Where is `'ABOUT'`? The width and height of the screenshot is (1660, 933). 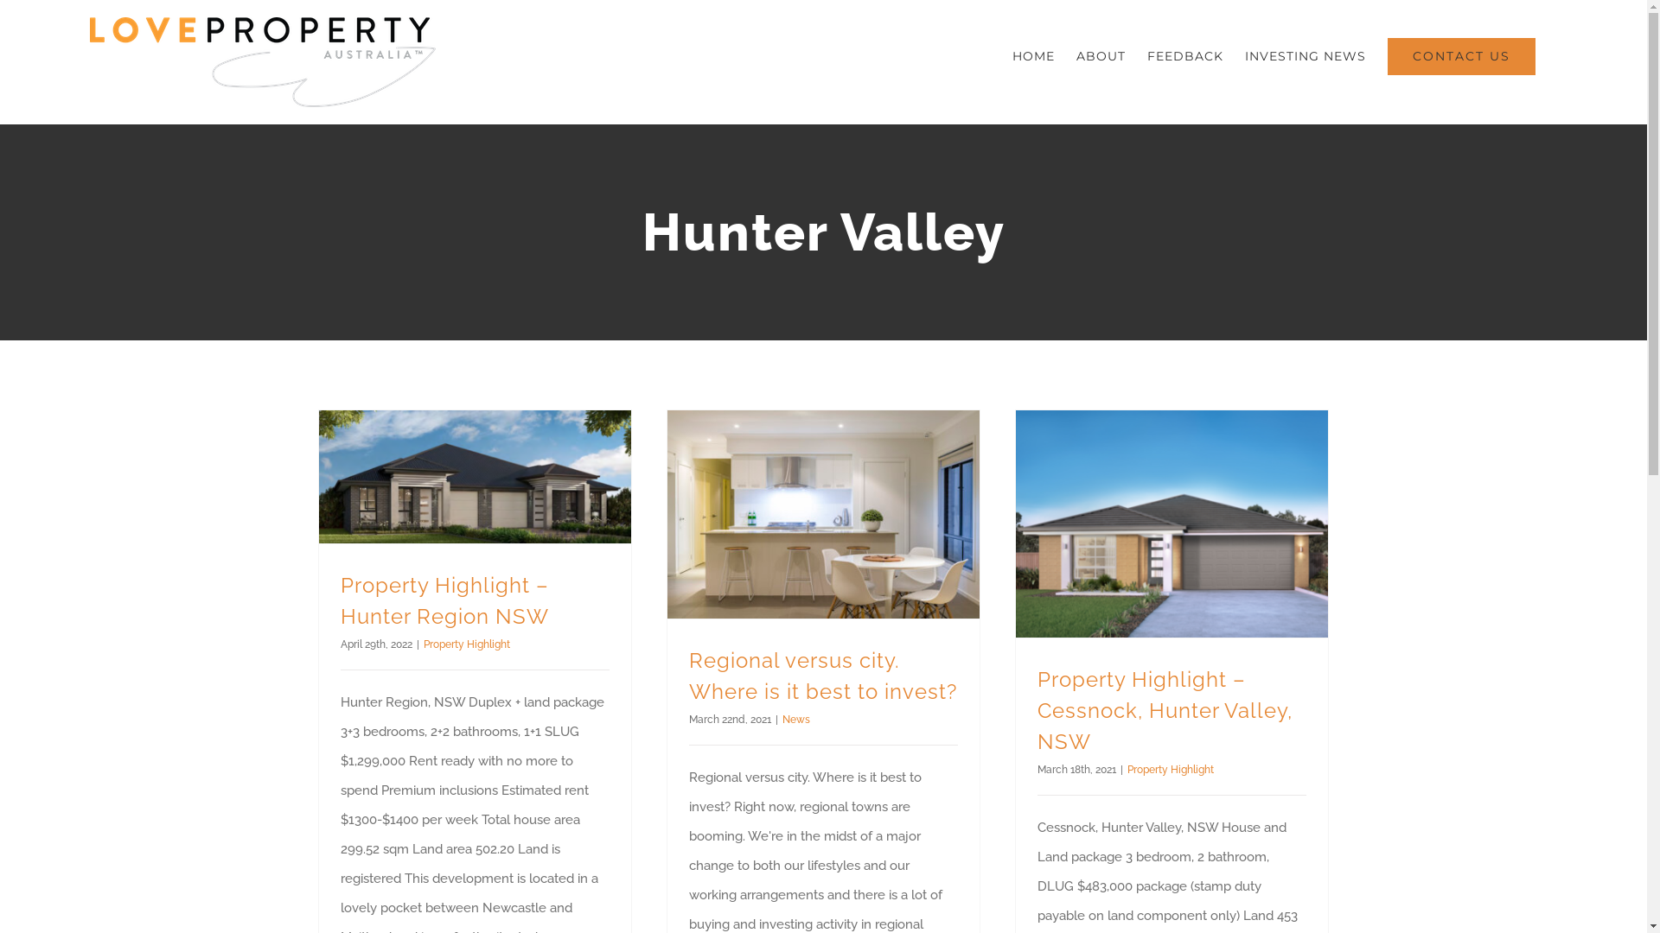
'ABOUT' is located at coordinates (1100, 55).